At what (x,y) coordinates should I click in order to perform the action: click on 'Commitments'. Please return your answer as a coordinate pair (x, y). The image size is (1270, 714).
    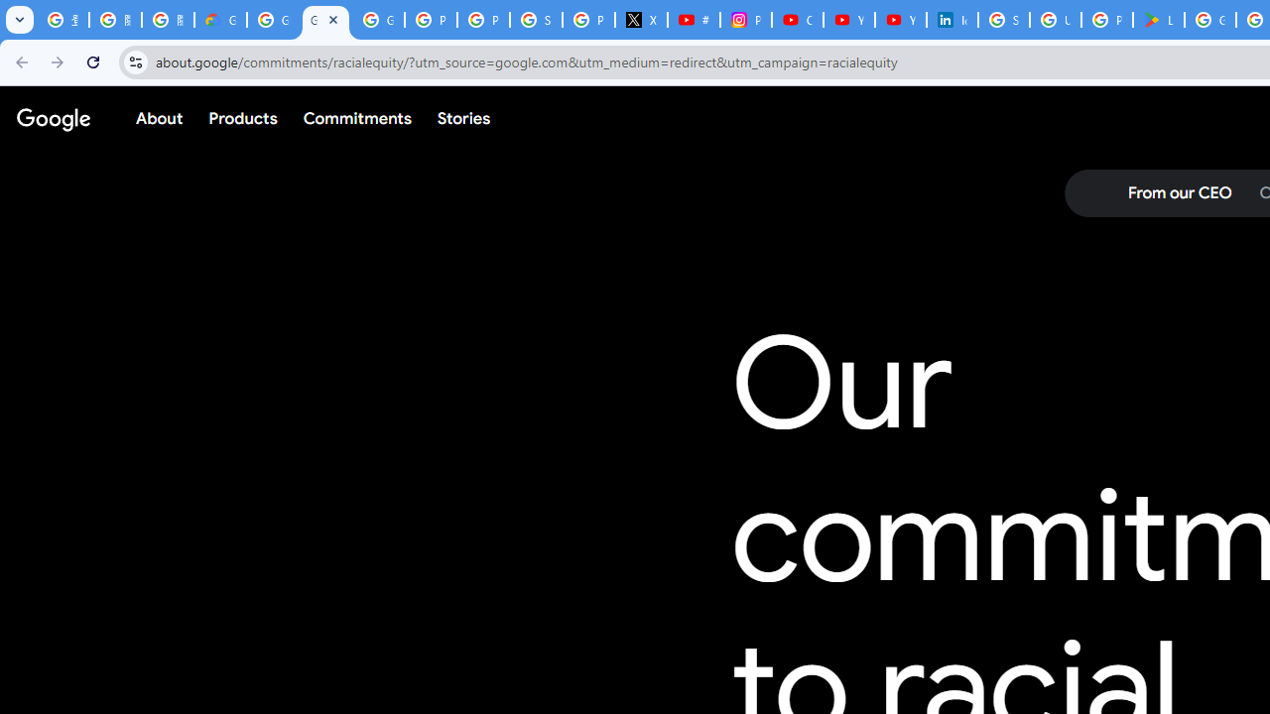
    Looking at the image, I should click on (356, 118).